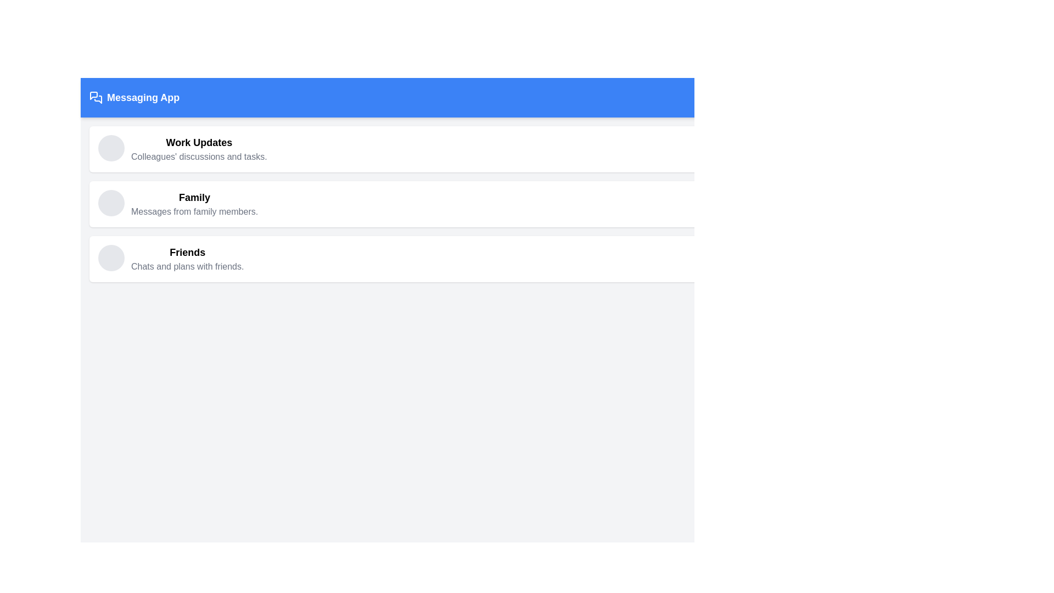 Image resolution: width=1054 pixels, height=593 pixels. I want to click on the text label displaying 'Colleagues' discussions and tasks.' located below the 'Work Updates' heading, so click(199, 156).